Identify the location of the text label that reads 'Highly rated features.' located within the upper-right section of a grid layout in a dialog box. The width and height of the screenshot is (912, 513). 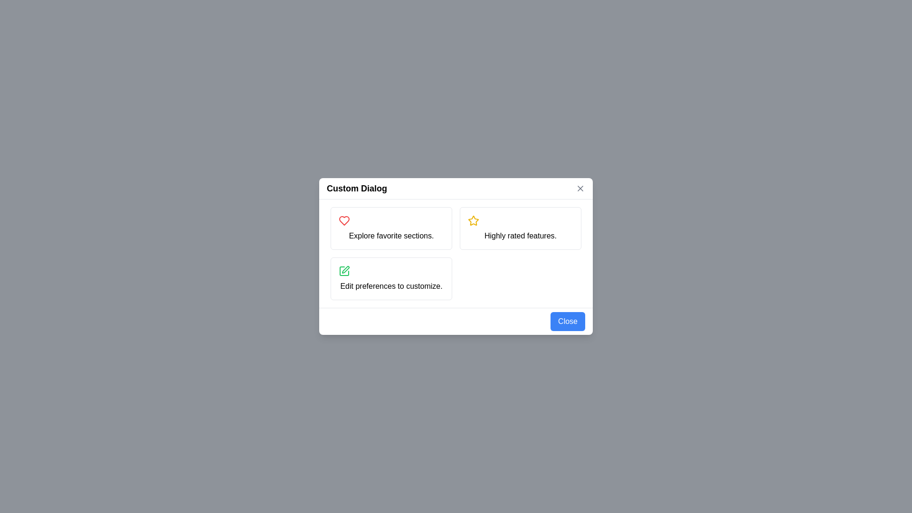
(520, 236).